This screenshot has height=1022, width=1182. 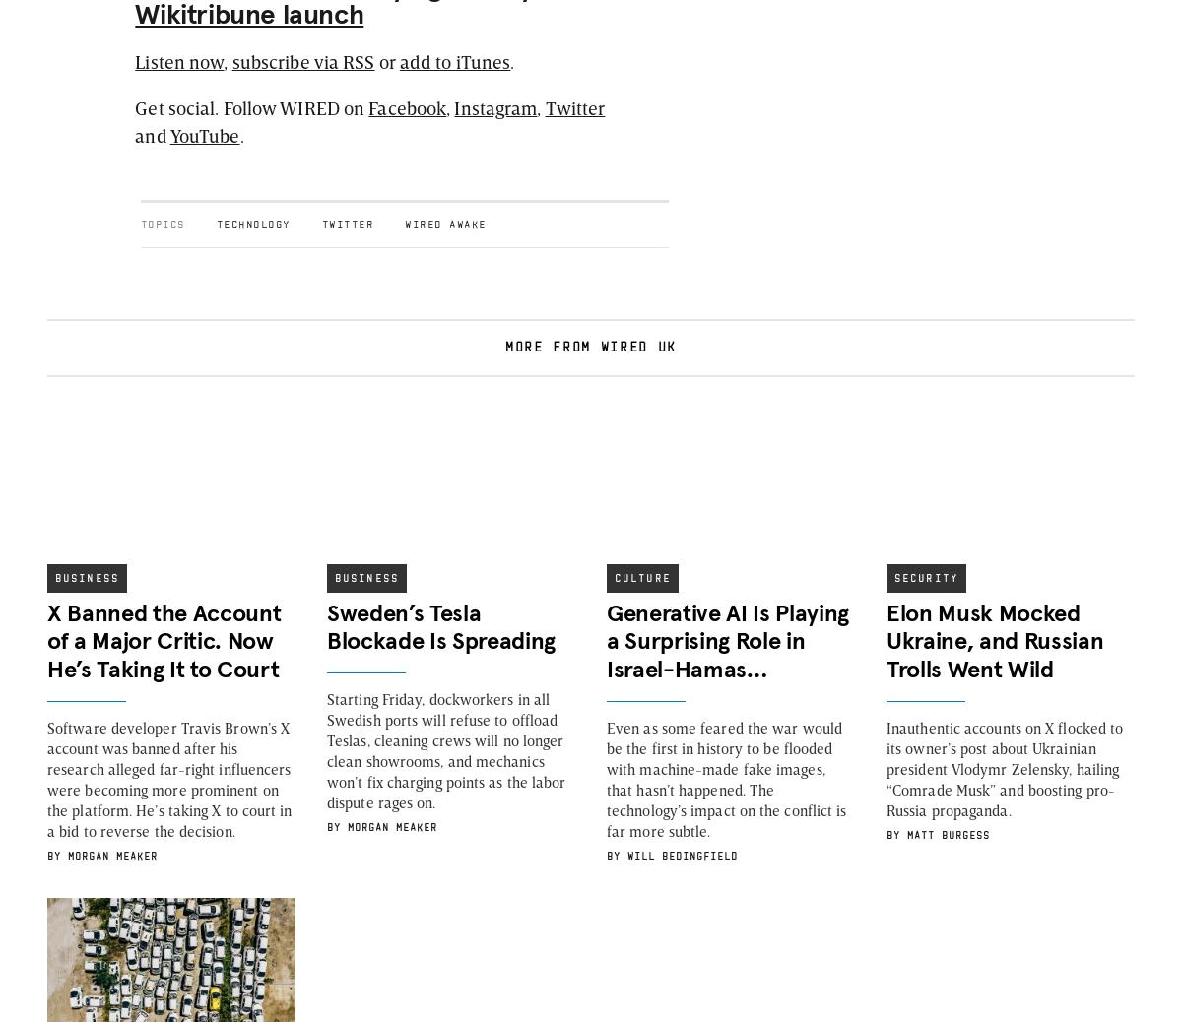 What do you see at coordinates (907, 833) in the screenshot?
I see `'Matt Burgess'` at bounding box center [907, 833].